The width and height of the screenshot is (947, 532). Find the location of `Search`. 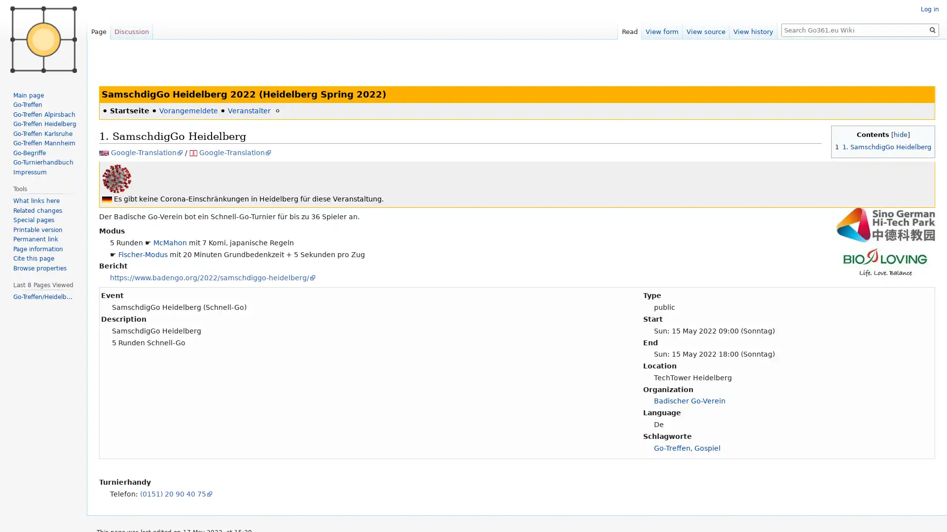

Search is located at coordinates (932, 30).